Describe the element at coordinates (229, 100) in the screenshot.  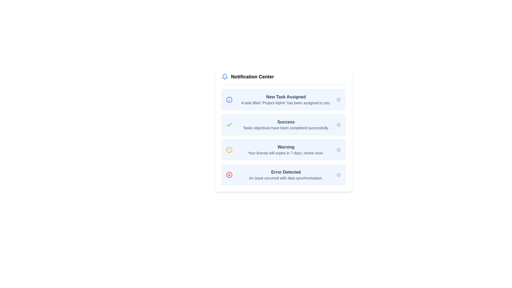
I see `the informational icon located in the topmost notification box on the left side, aligned with the title 'New Task Assigned'` at that location.